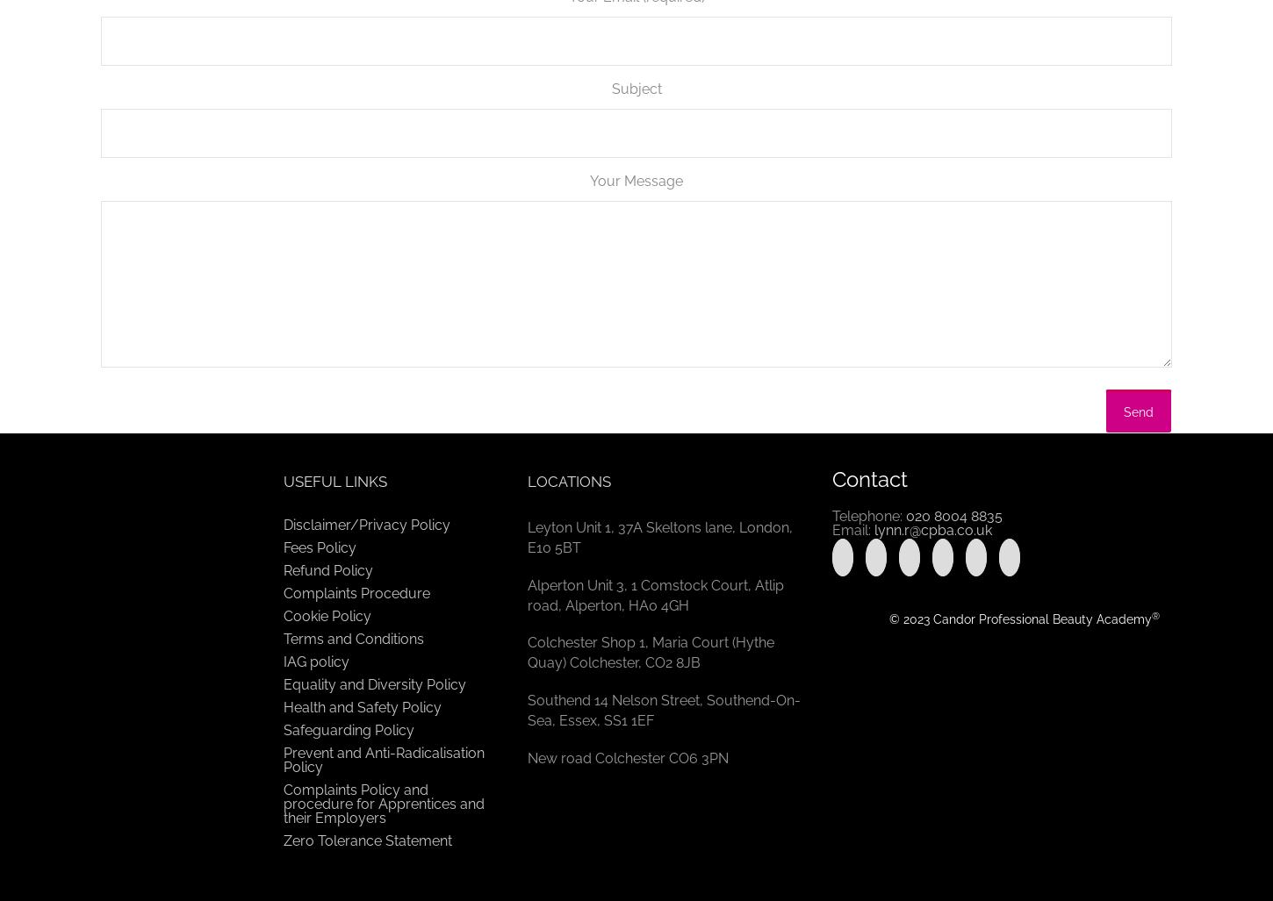 The image size is (1273, 901). Describe the element at coordinates (284, 639) in the screenshot. I see `'Terms and Conditions'` at that location.